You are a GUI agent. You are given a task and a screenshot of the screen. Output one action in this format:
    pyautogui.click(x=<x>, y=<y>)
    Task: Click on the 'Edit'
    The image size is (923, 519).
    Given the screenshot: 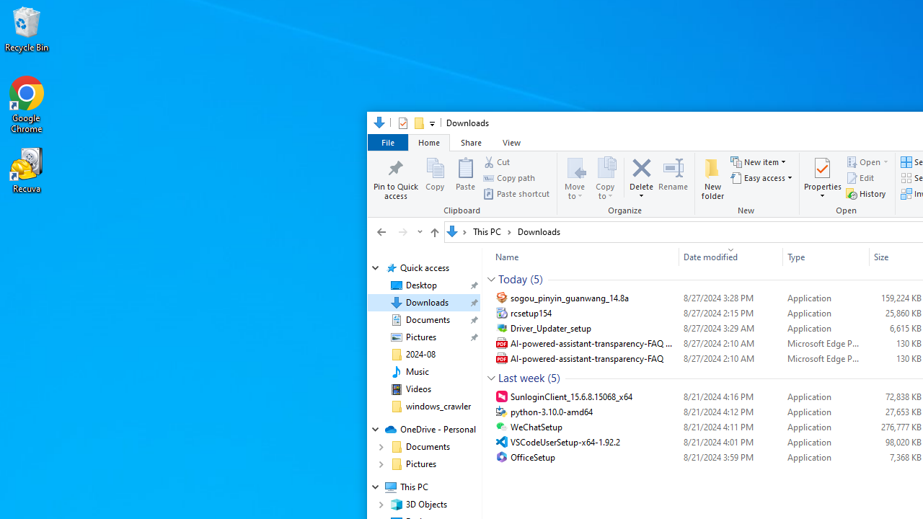 What is the action you would take?
    pyautogui.click(x=860, y=177)
    